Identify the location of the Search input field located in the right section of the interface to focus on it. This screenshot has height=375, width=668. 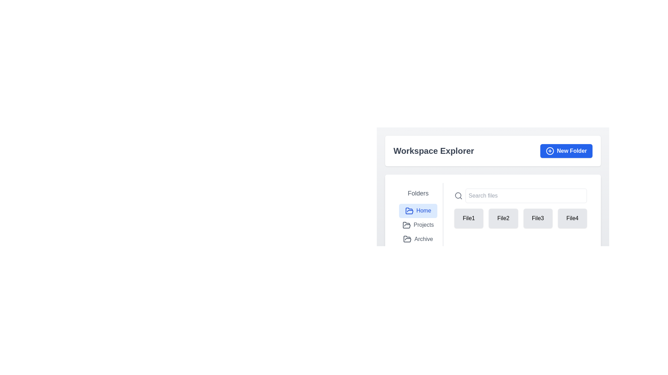
(526, 195).